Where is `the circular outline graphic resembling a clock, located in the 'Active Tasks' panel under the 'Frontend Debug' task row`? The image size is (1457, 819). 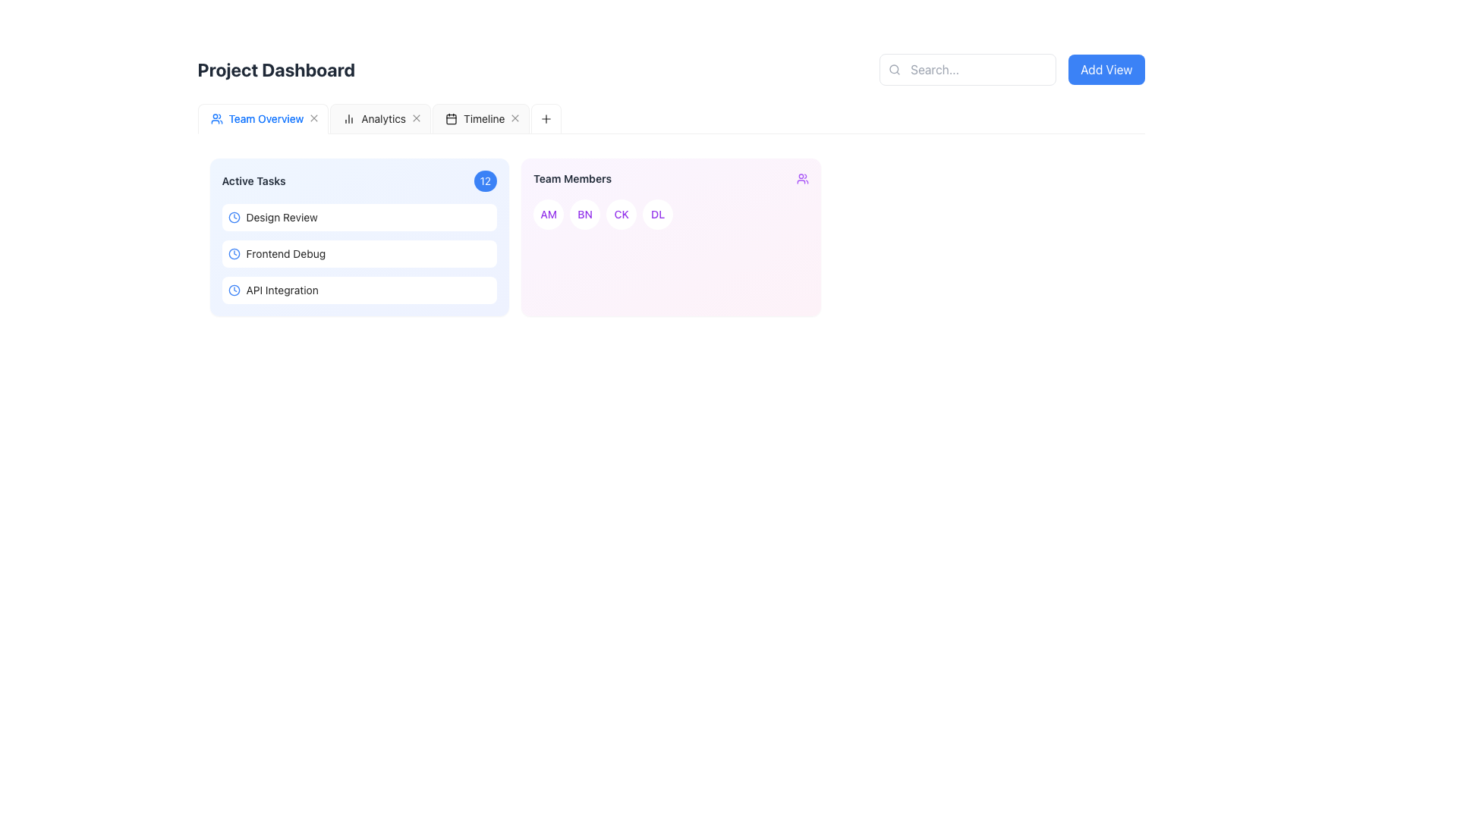 the circular outline graphic resembling a clock, located in the 'Active Tasks' panel under the 'Frontend Debug' task row is located at coordinates (233, 253).